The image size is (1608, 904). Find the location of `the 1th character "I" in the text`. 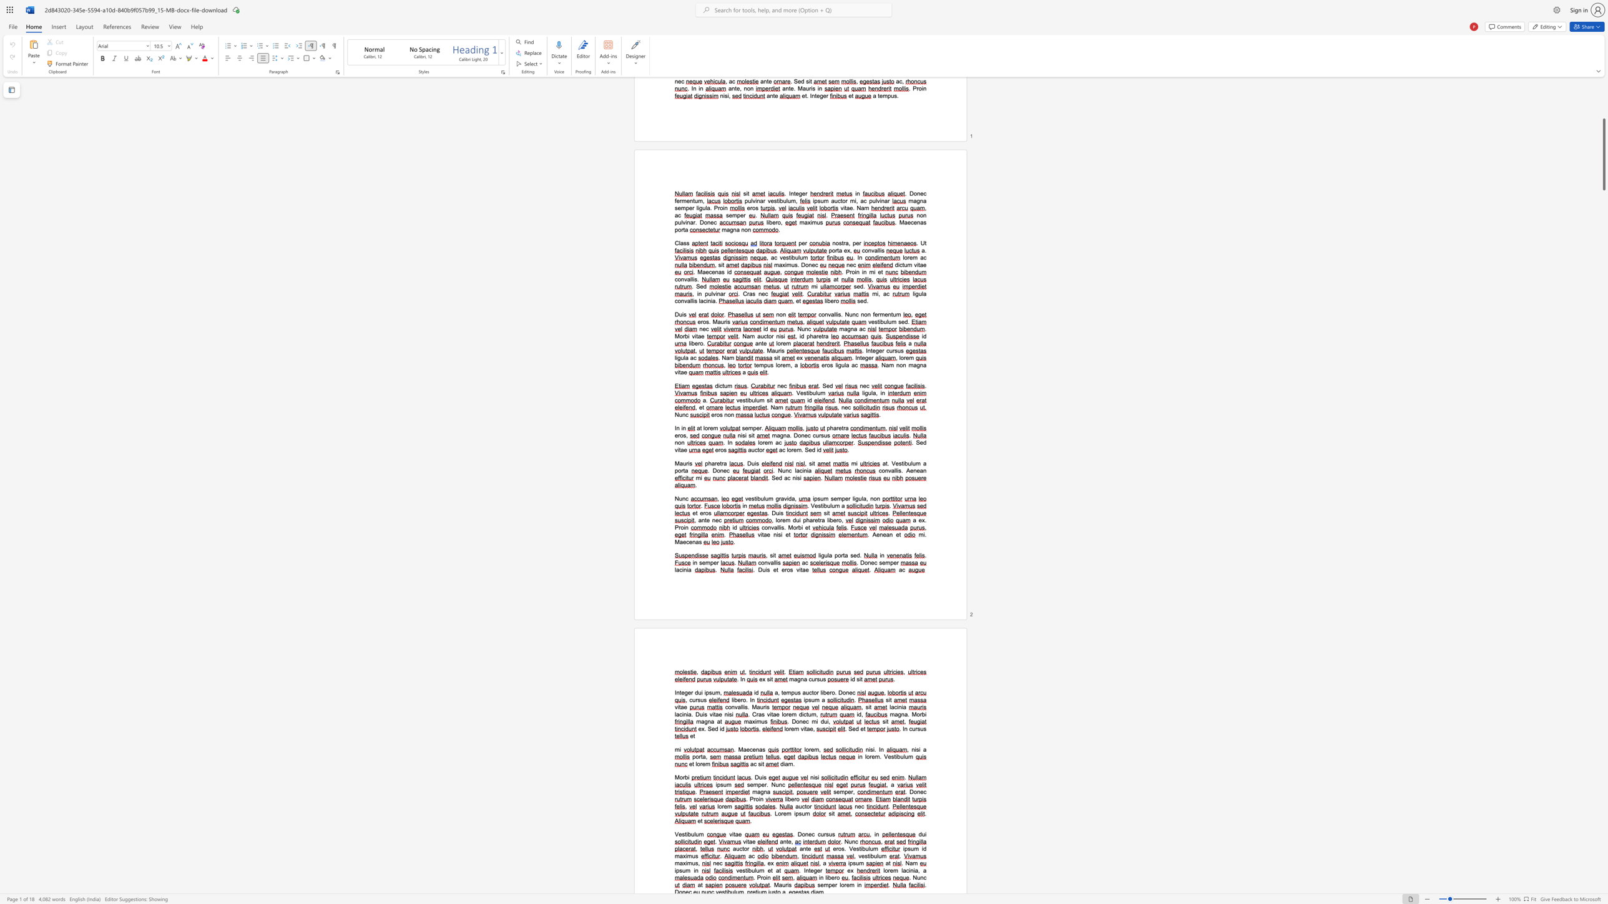

the 1th character "I" in the text is located at coordinates (675, 693).